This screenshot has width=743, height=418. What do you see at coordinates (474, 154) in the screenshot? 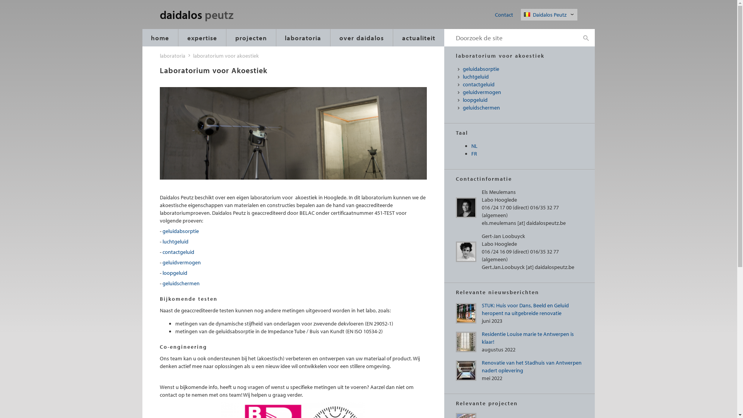
I see `'FR'` at bounding box center [474, 154].